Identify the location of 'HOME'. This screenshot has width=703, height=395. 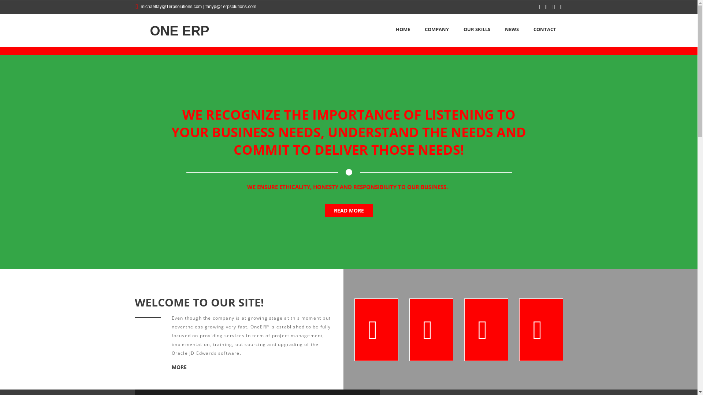
(402, 29).